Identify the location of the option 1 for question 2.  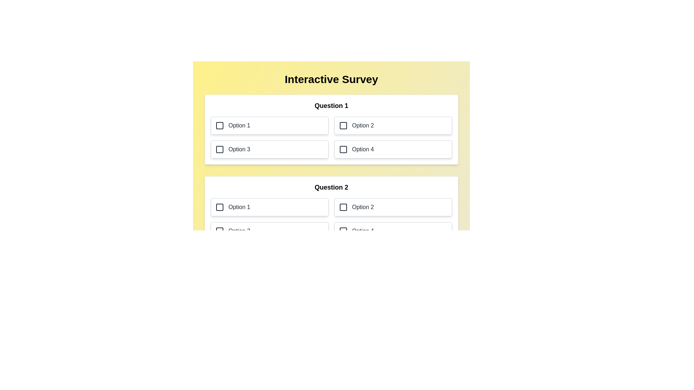
(269, 207).